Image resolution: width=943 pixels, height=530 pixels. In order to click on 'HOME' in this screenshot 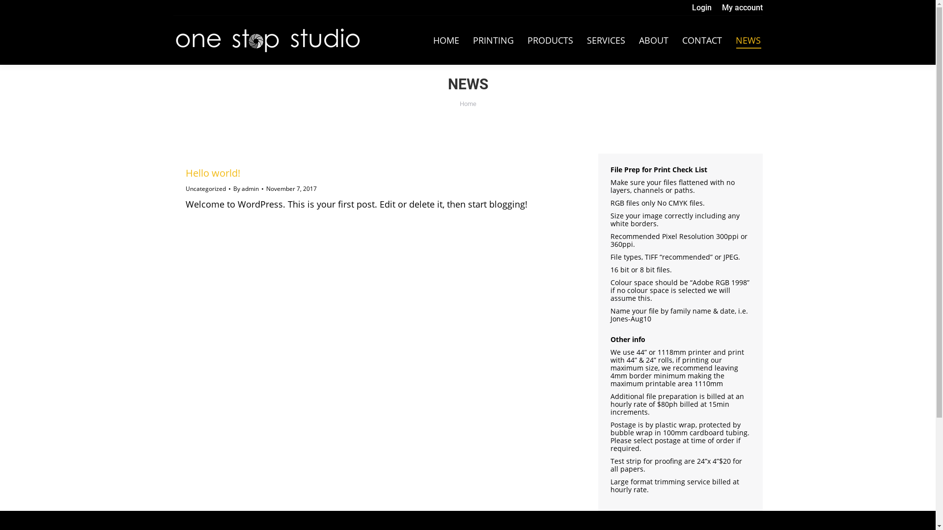, I will do `click(445, 39)`.